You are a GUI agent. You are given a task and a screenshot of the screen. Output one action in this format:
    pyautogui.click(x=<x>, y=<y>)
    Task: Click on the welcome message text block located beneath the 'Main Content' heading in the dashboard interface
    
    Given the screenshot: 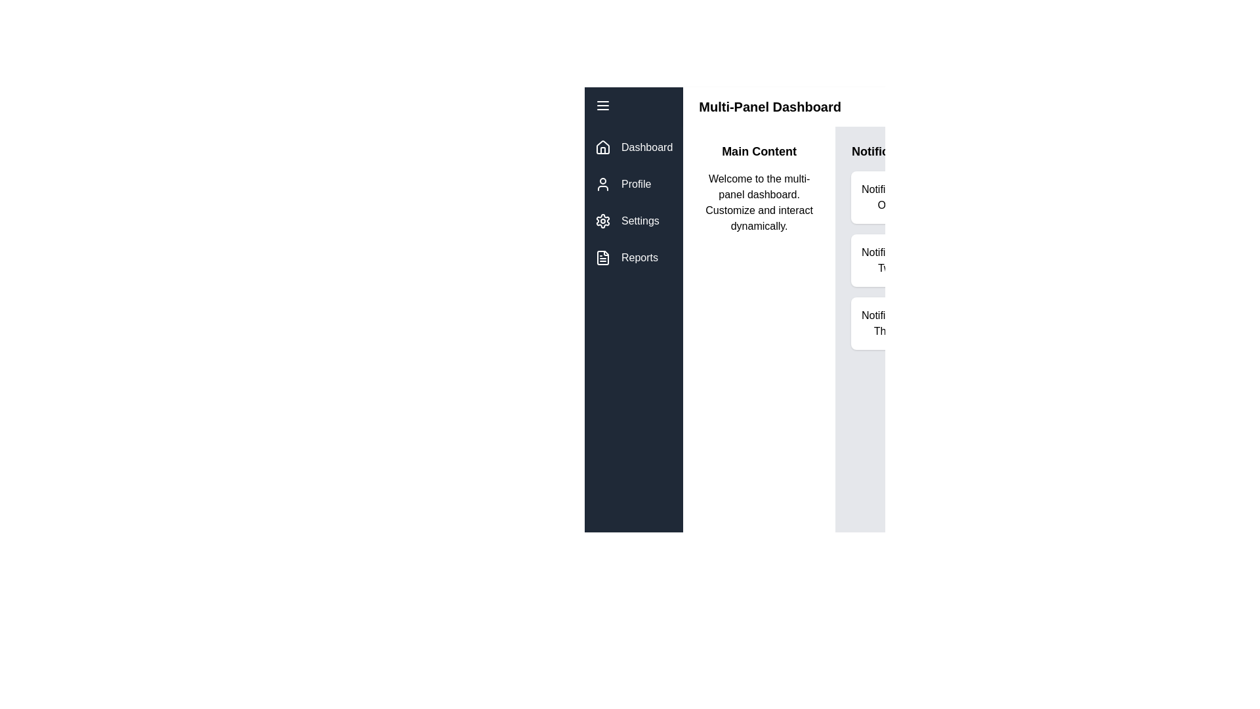 What is the action you would take?
    pyautogui.click(x=759, y=202)
    